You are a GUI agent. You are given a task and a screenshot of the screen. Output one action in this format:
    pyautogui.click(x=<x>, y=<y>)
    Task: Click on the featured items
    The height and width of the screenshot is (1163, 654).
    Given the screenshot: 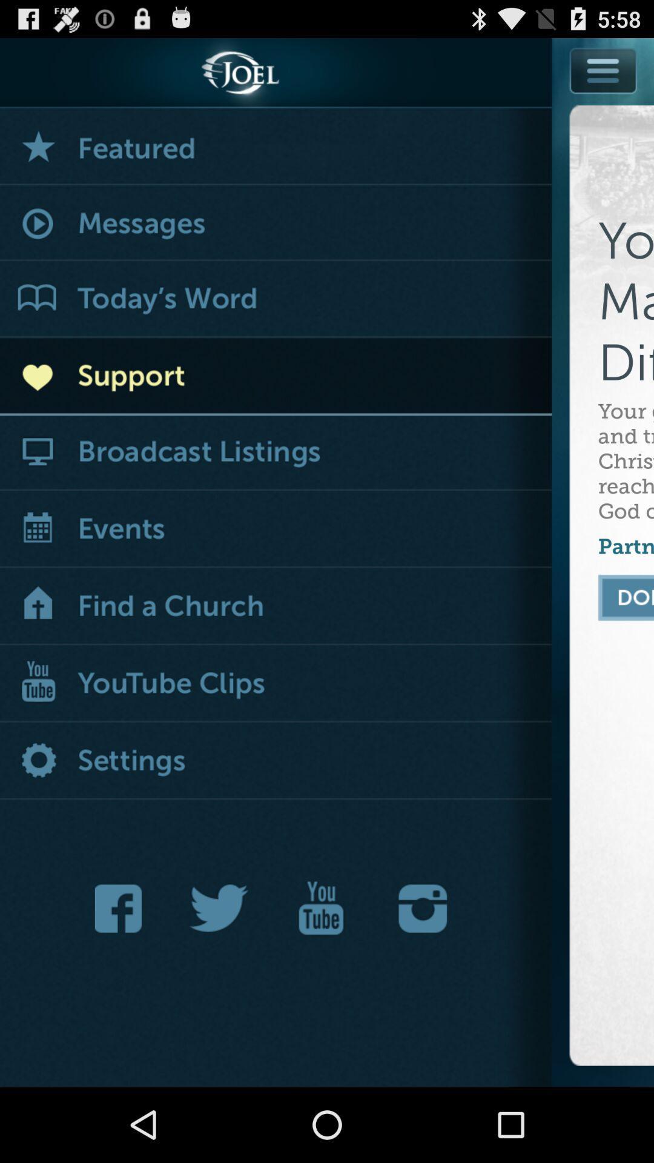 What is the action you would take?
    pyautogui.click(x=276, y=146)
    